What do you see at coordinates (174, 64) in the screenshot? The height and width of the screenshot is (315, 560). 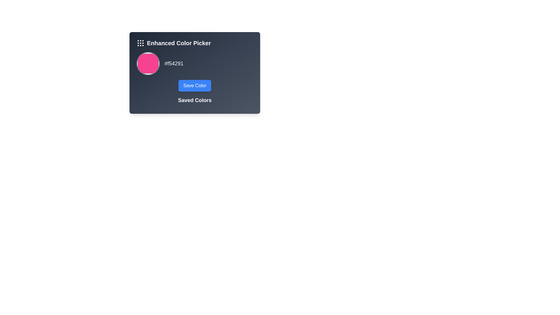 I see `hexadecimal color code displayed in the label to the right of the circular color preview swatch` at bounding box center [174, 64].